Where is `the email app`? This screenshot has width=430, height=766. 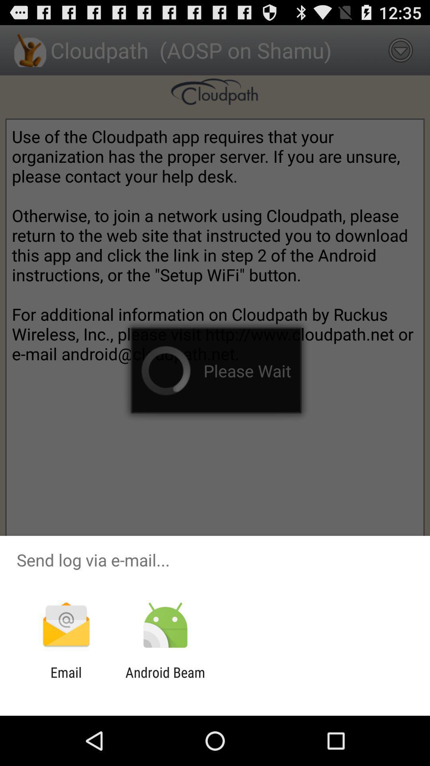
the email app is located at coordinates (66, 680).